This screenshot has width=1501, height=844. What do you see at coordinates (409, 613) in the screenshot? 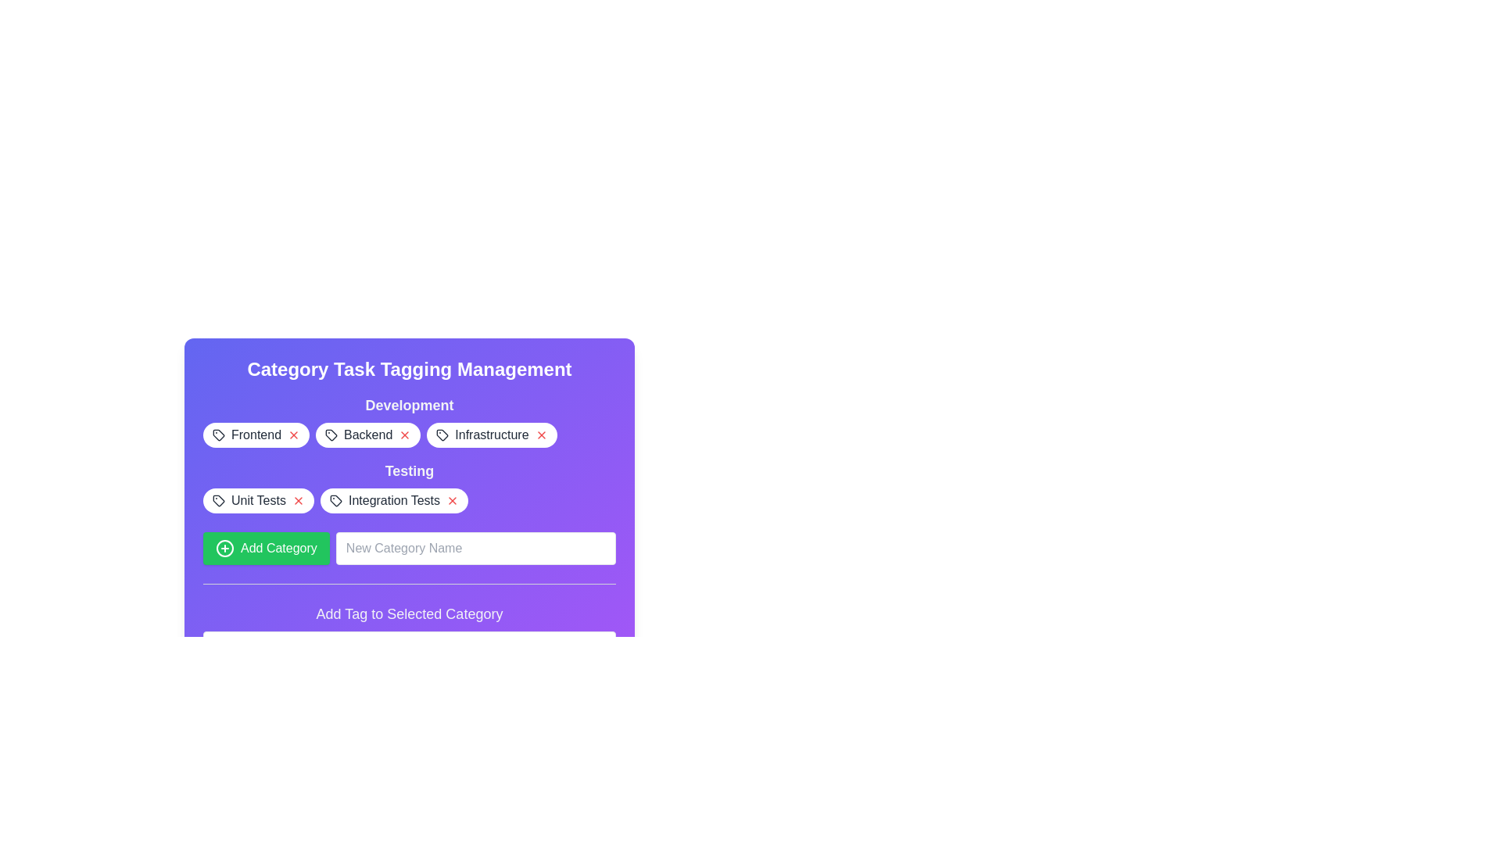
I see `the text label that says 'Add Tag to Selected Category', which is positioned on a purple background above the input field and the button labeled 'Add Tag to First Category'` at bounding box center [409, 613].